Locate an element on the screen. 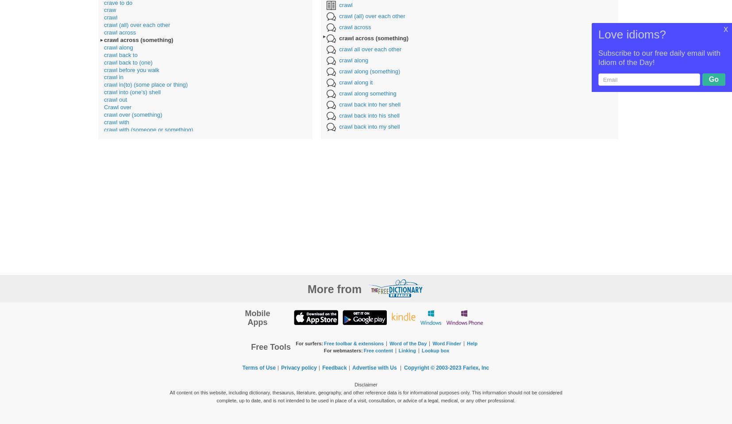 The image size is (732, 424). 'Lookup box' is located at coordinates (435, 350).